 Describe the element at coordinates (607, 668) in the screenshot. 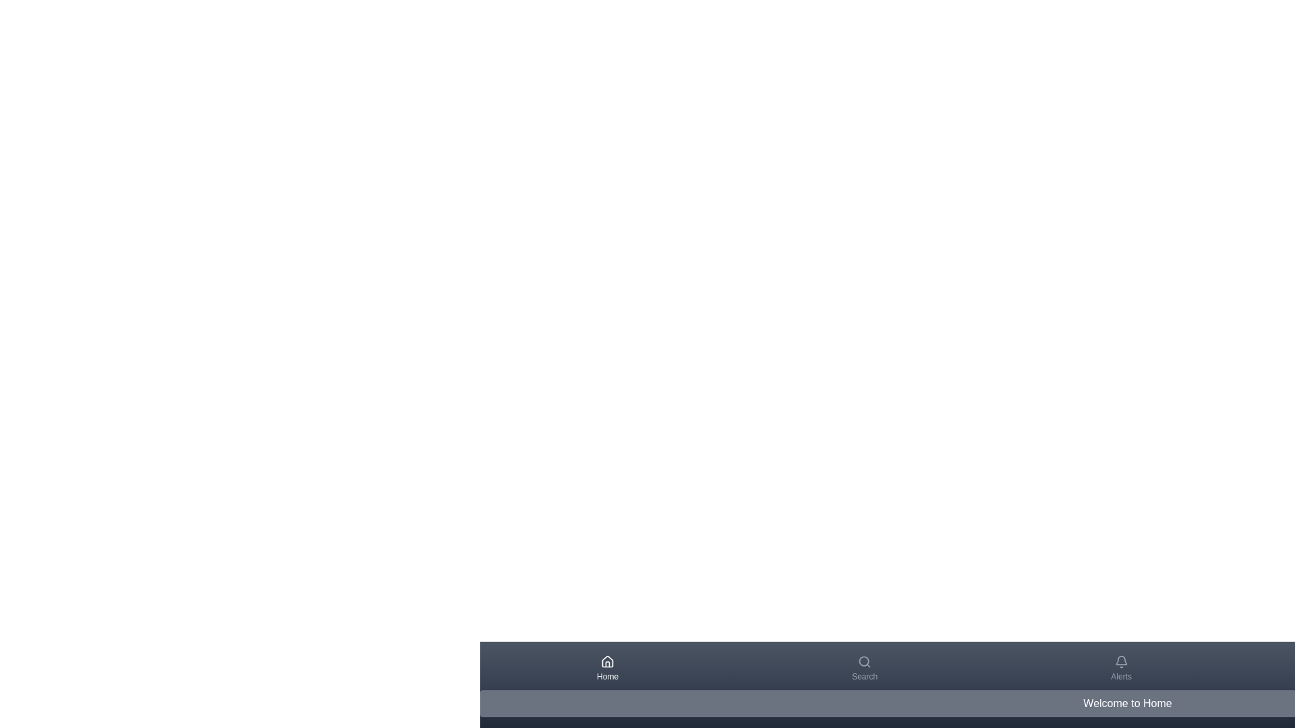

I see `the Home tab icon to see the hover effect` at that location.